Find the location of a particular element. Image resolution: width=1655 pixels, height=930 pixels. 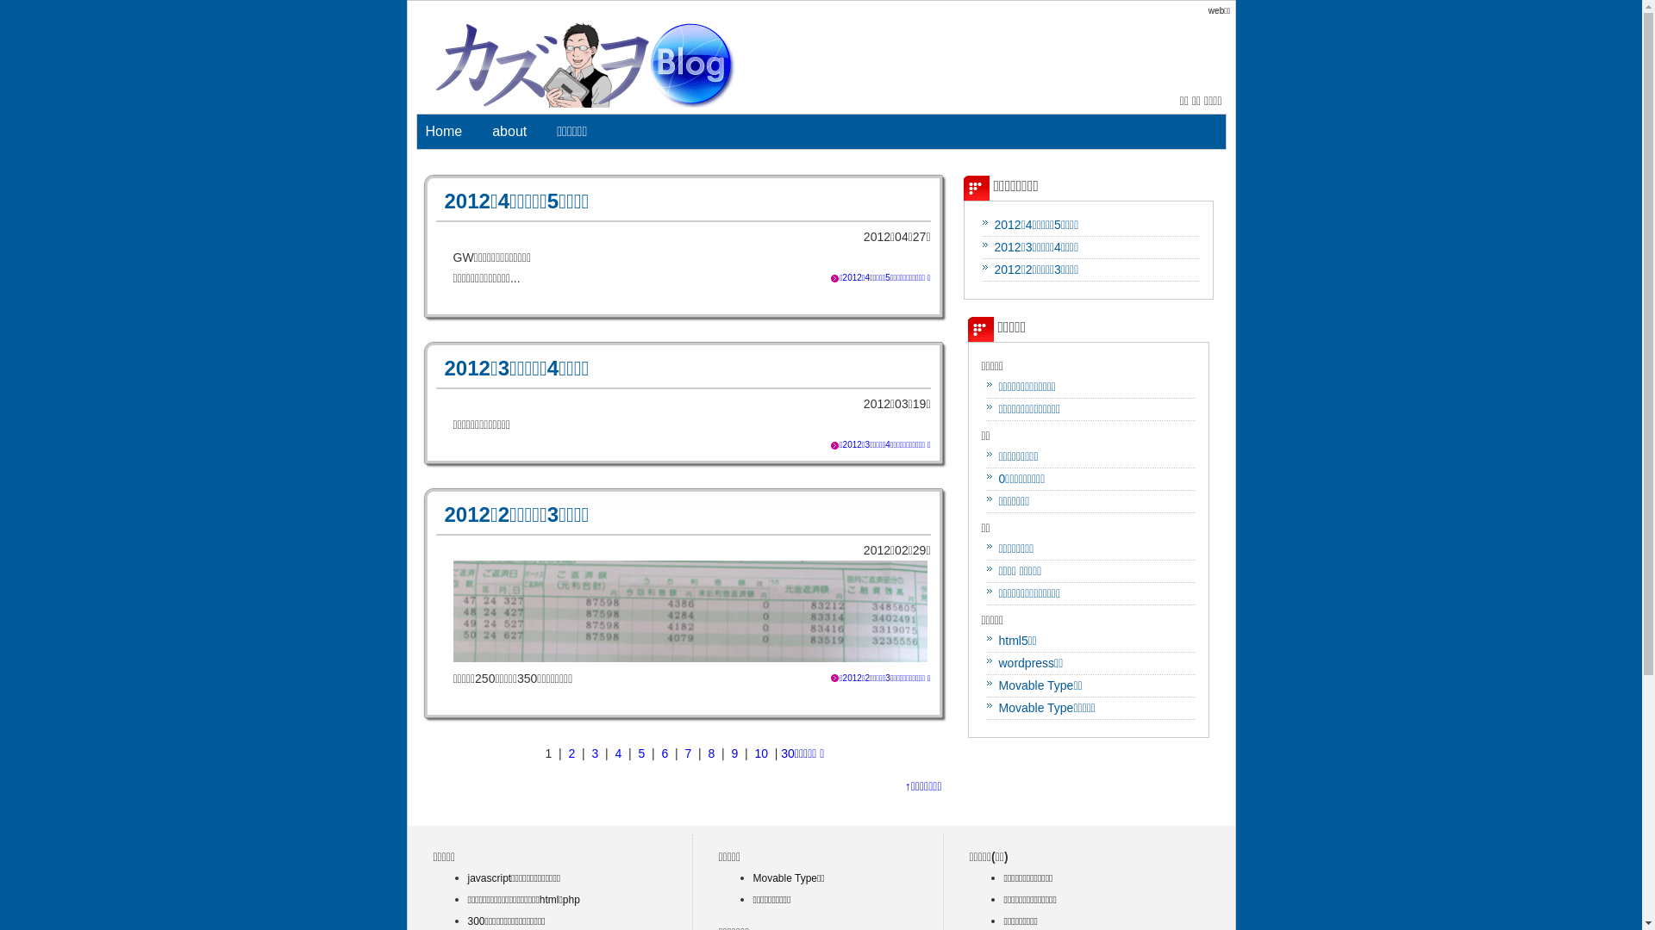

' 2 ' is located at coordinates (571, 753).